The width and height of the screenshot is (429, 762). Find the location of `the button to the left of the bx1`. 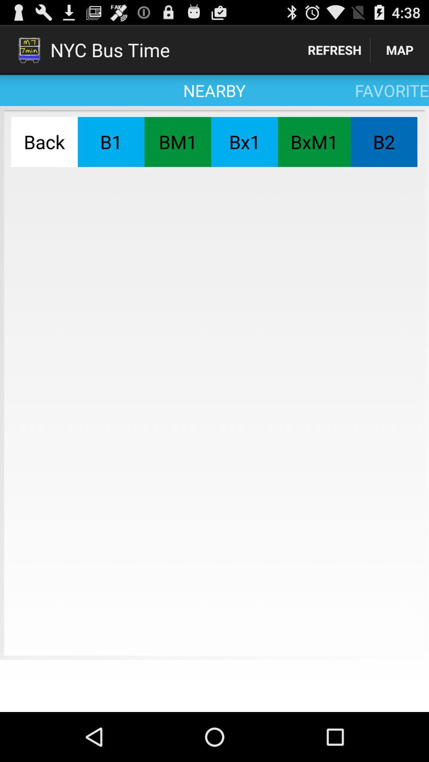

the button to the left of the bx1 is located at coordinates (177, 142).